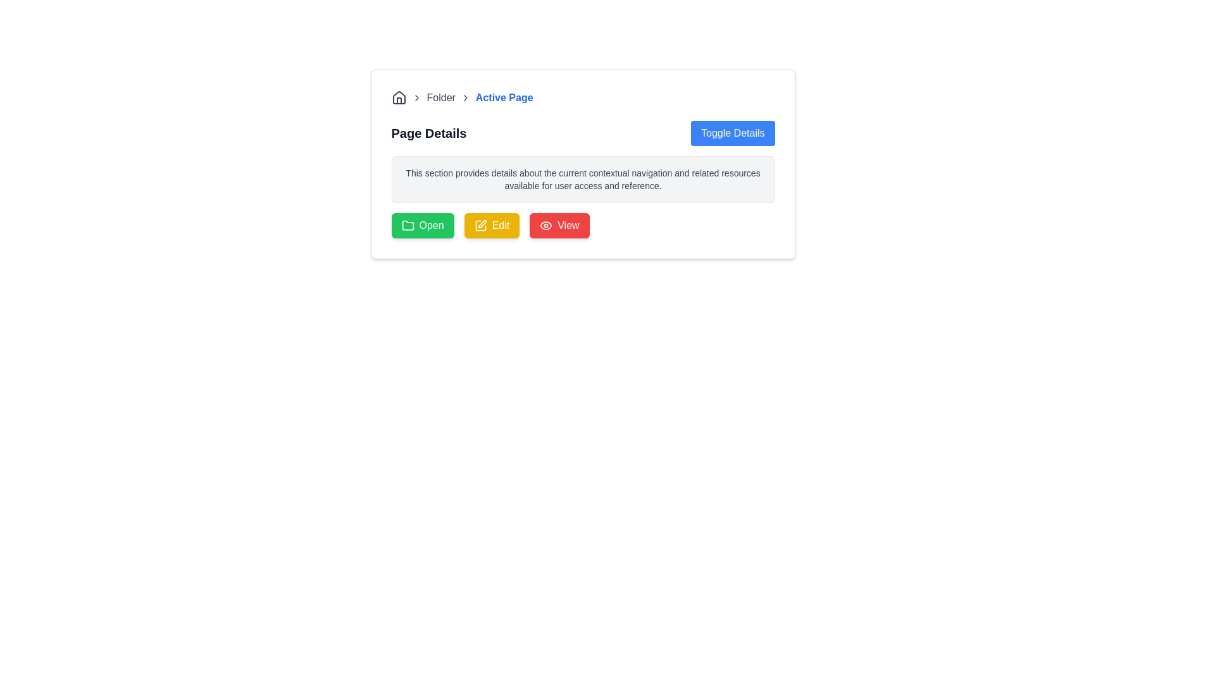  Describe the element at coordinates (559, 225) in the screenshot. I see `the third button in a horizontal row of action buttons` at that location.